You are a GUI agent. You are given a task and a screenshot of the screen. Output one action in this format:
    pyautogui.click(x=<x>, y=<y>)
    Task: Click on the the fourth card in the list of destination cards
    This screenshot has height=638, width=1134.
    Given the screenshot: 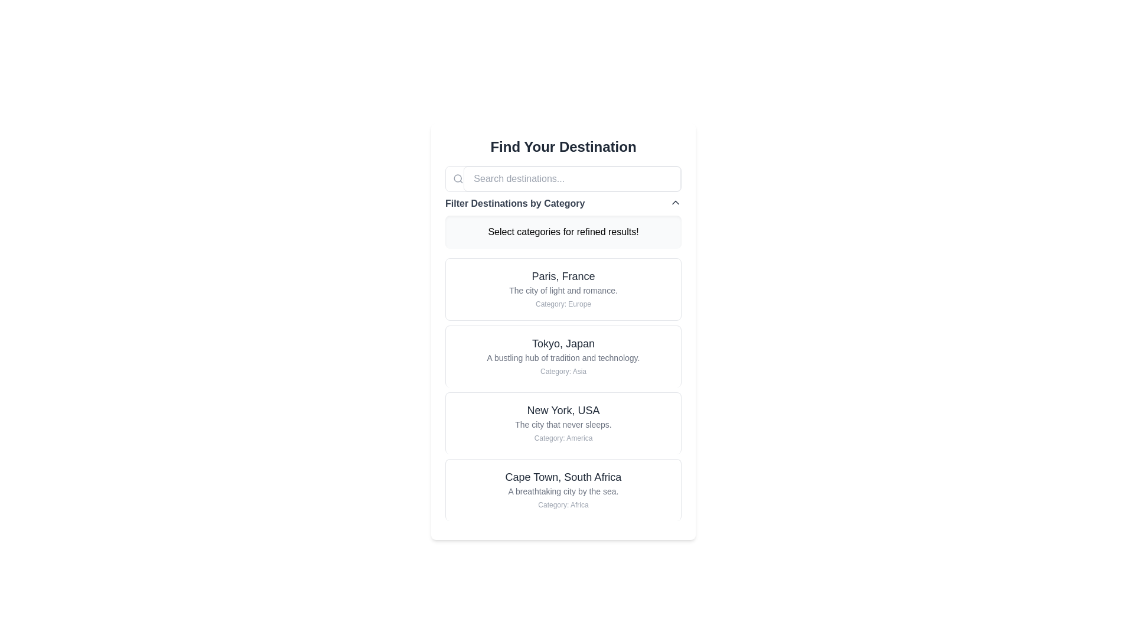 What is the action you would take?
    pyautogui.click(x=563, y=490)
    